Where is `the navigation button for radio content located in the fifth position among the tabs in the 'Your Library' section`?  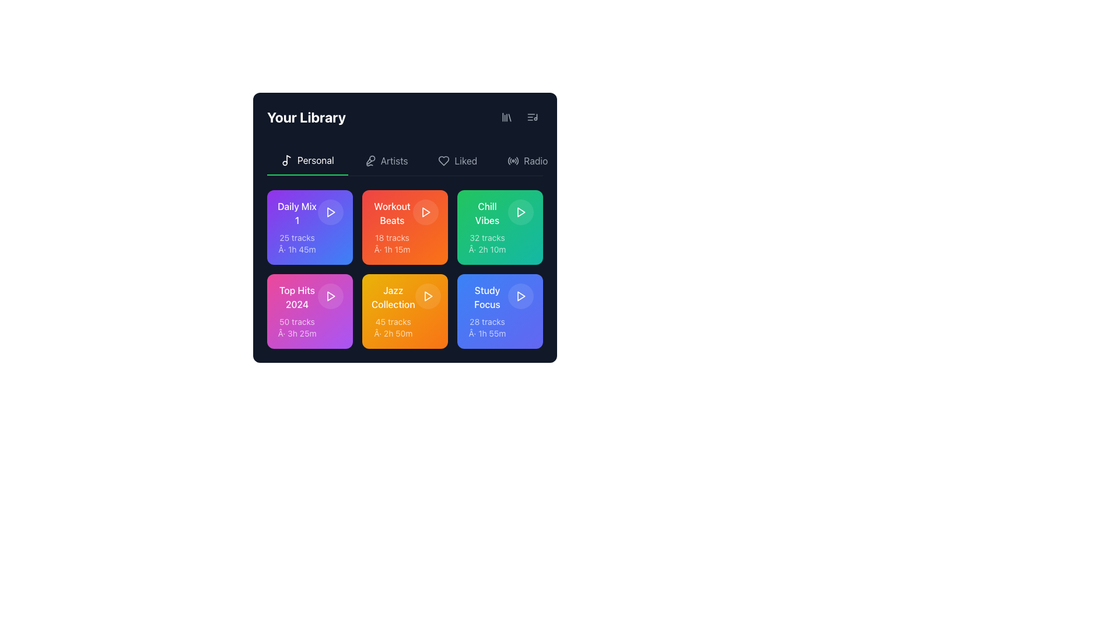 the navigation button for radio content located in the fifth position among the tabs in the 'Your Library' section is located at coordinates (527, 161).